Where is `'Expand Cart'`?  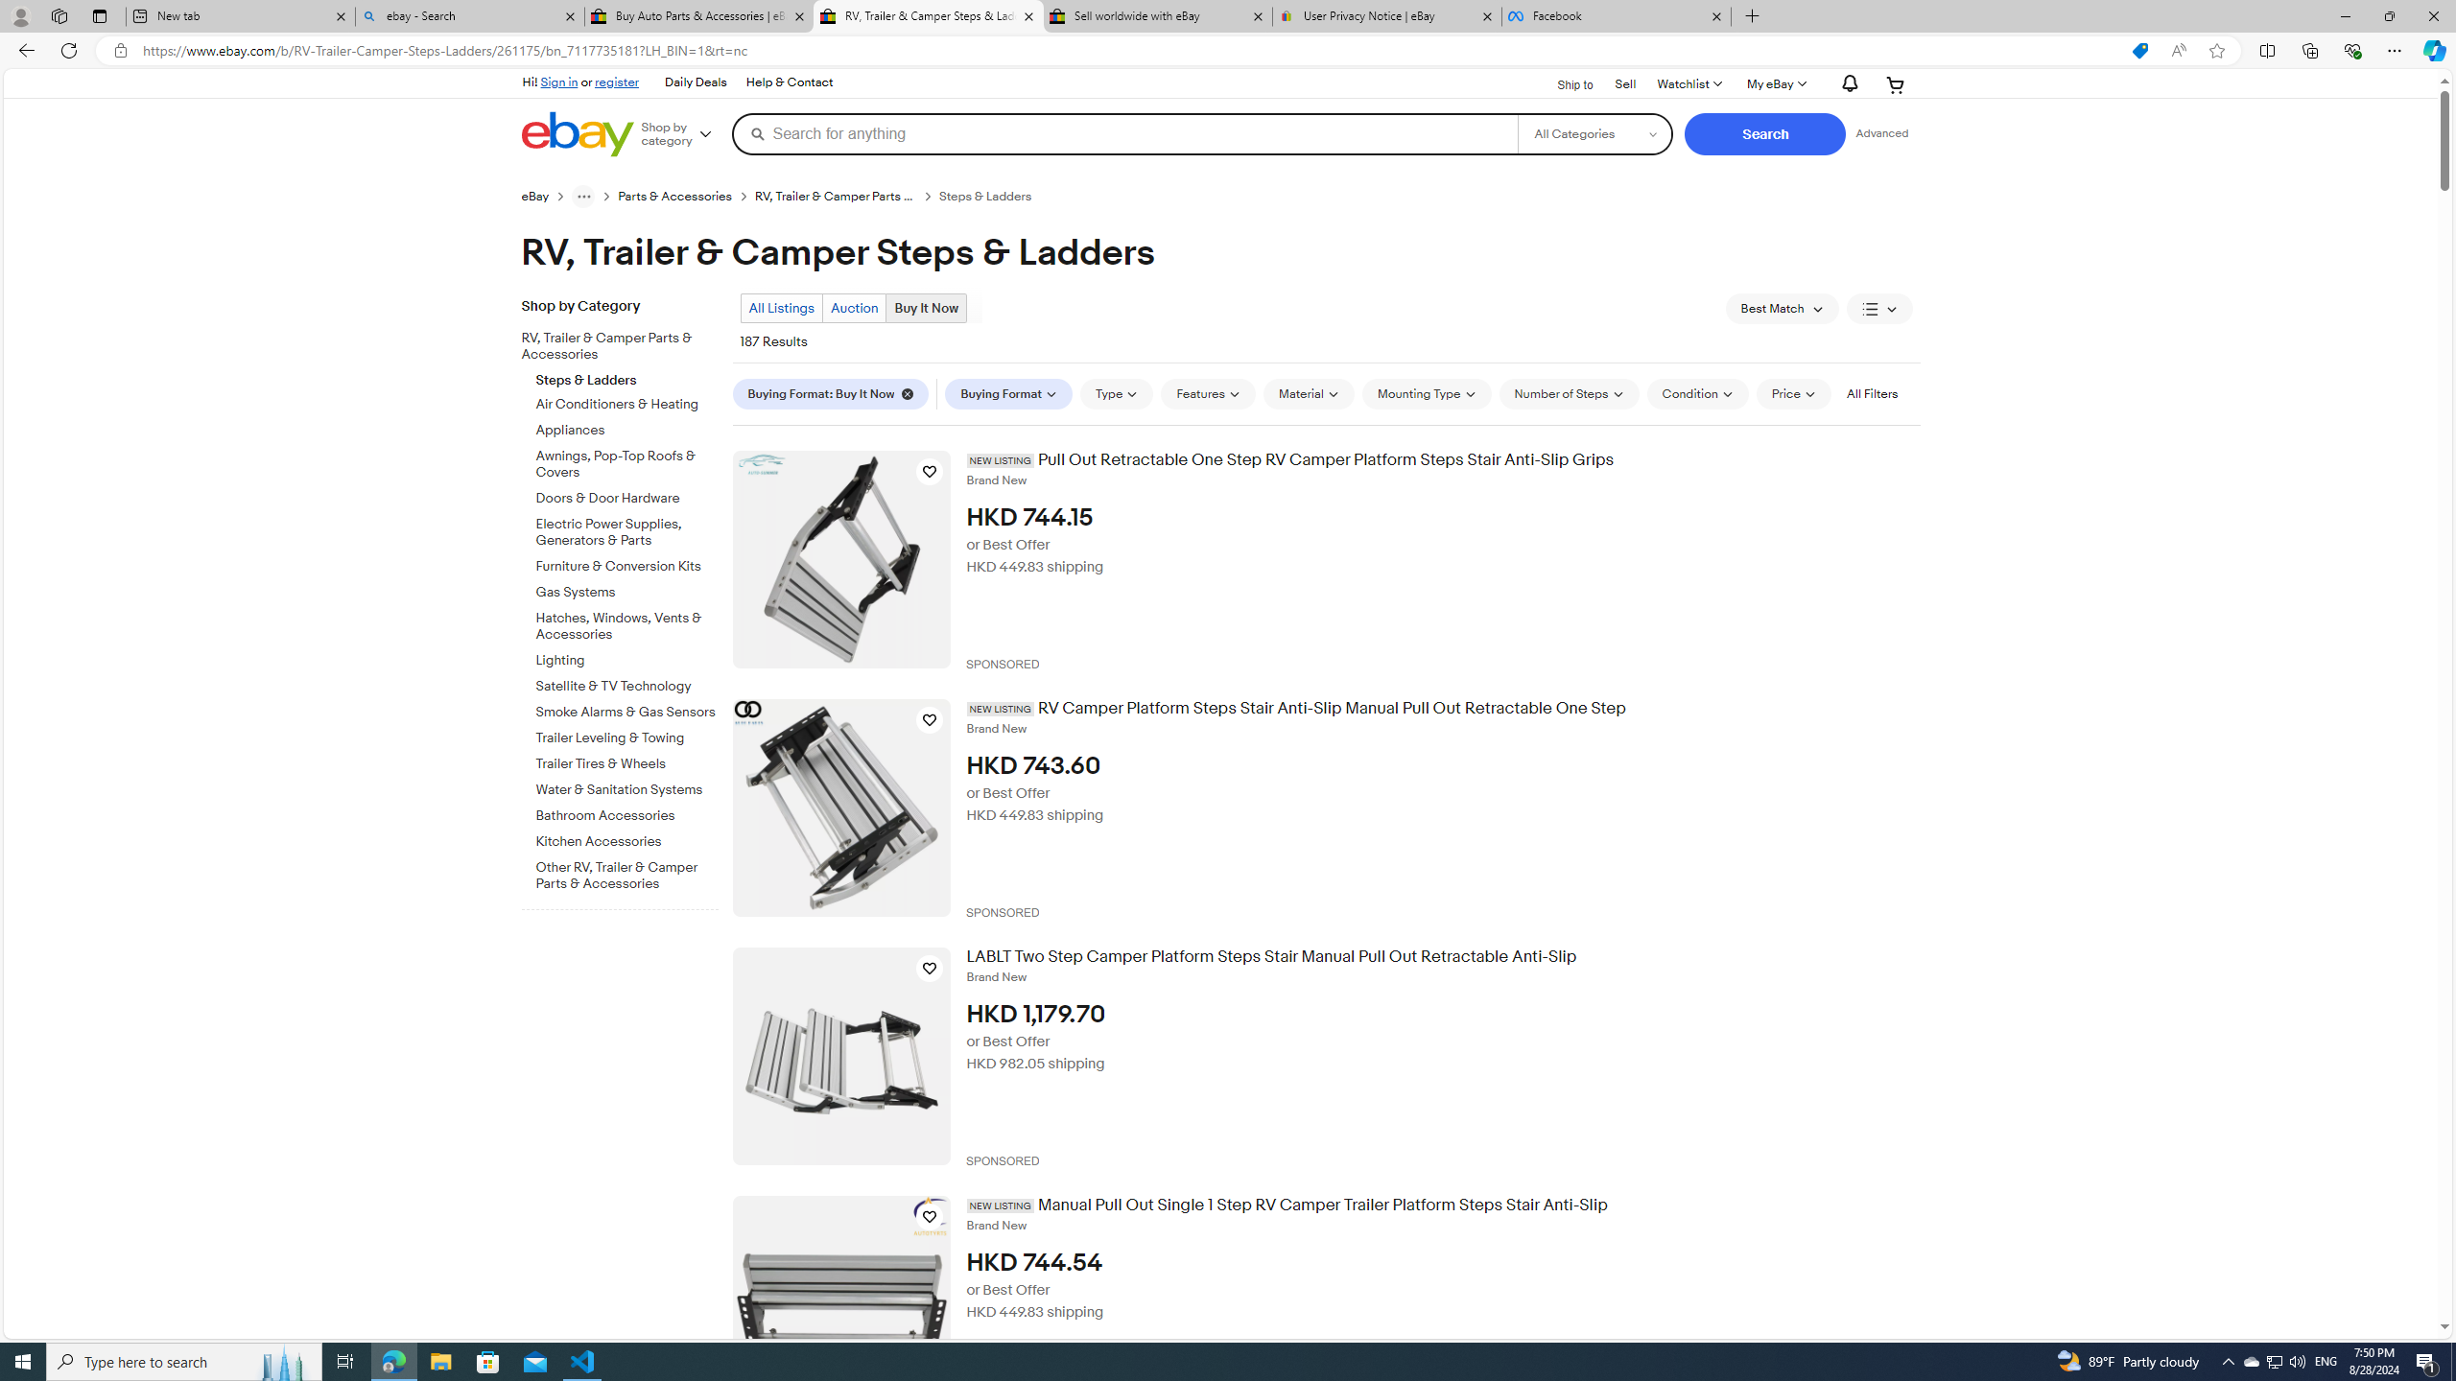
'Expand Cart' is located at coordinates (1896, 83).